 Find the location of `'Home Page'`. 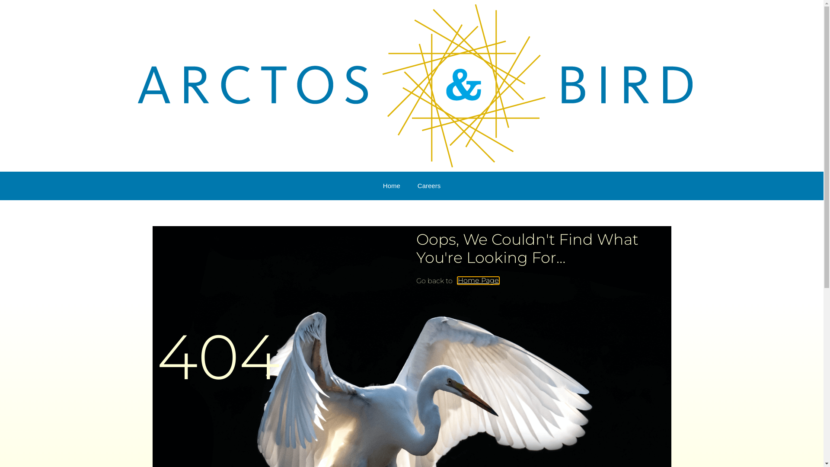

'Home Page' is located at coordinates (477, 280).